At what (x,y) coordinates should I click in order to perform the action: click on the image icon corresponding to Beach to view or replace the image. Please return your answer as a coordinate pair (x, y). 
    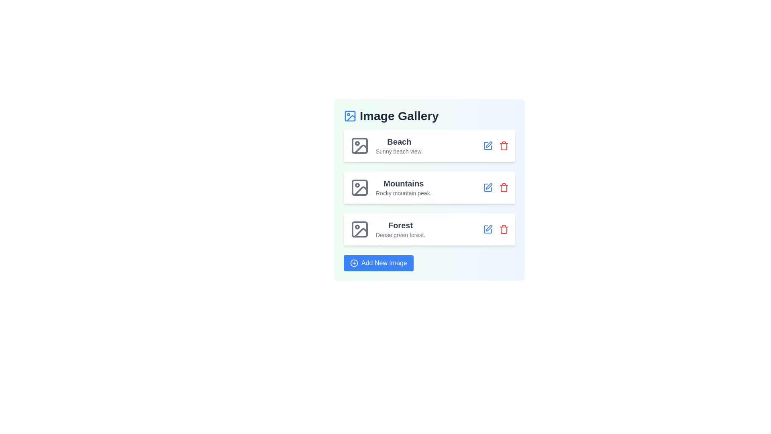
    Looking at the image, I should click on (359, 145).